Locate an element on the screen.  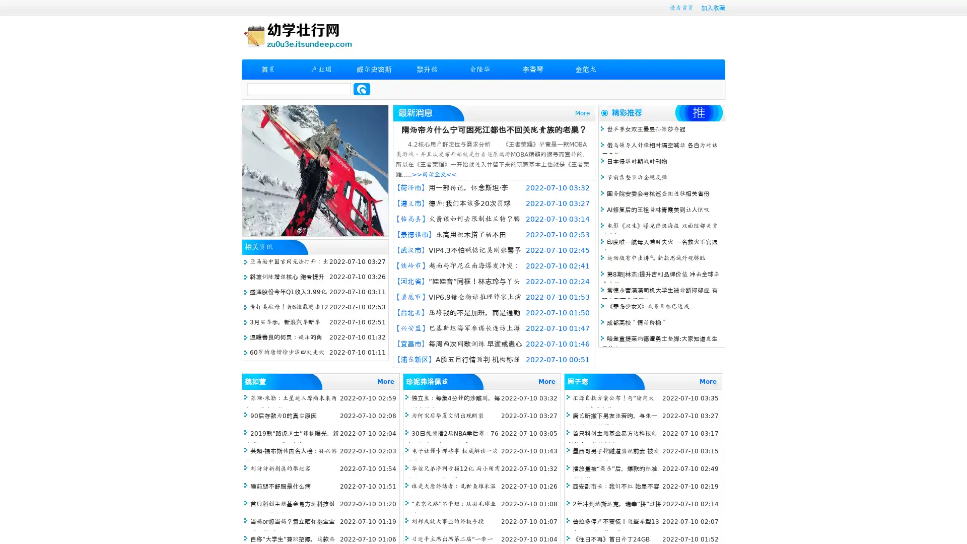
Search is located at coordinates (362, 89).